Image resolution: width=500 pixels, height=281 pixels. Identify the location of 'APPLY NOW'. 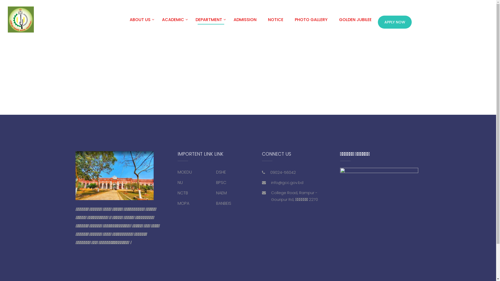
(395, 22).